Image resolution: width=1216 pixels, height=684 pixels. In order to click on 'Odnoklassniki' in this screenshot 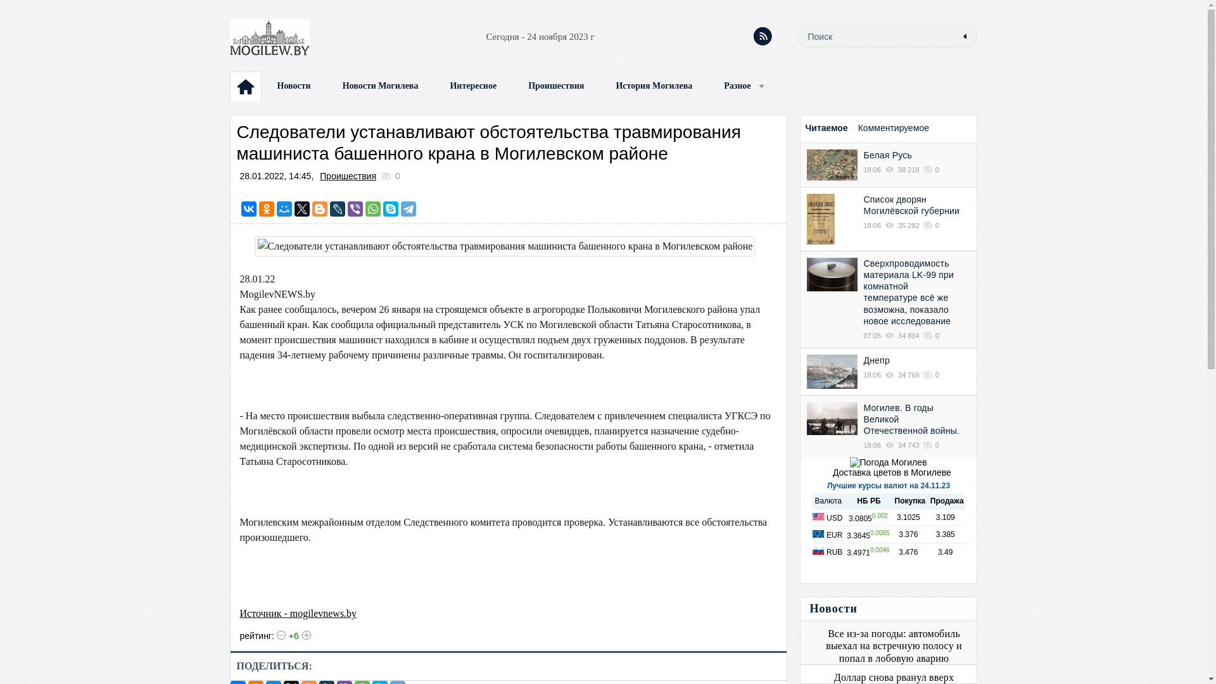, I will do `click(266, 208)`.